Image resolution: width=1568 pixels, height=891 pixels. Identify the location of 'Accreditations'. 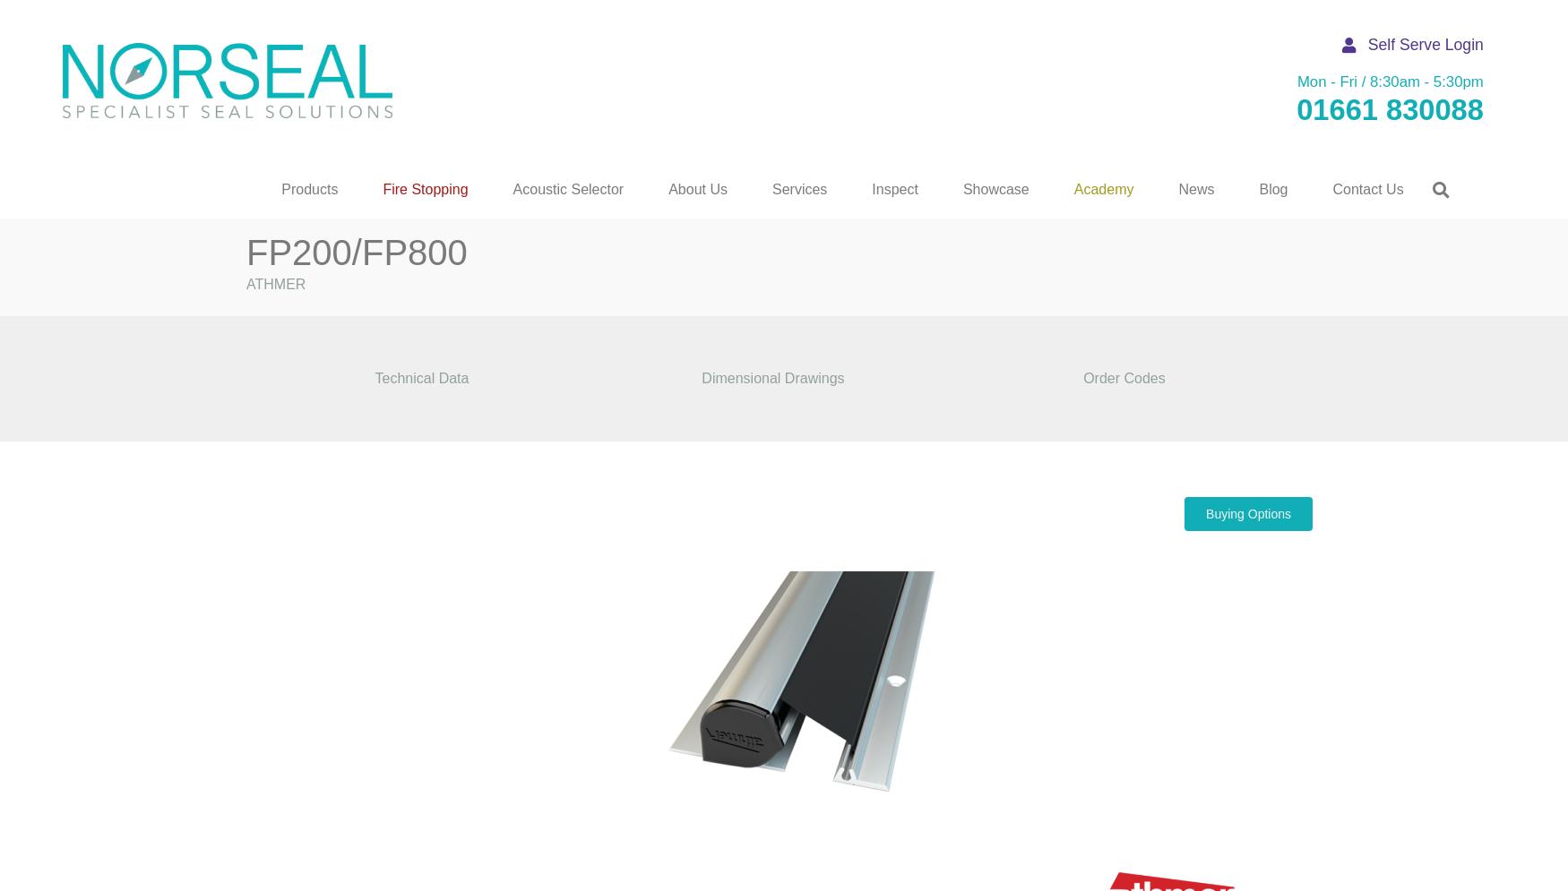
(696, 443).